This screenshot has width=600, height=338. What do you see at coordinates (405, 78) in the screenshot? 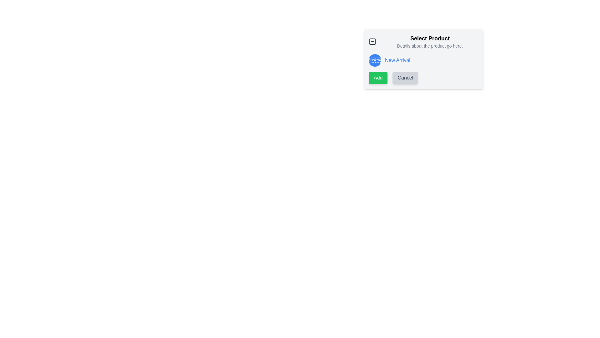
I see `the 'Cancel' button, which is a rectangular button with a light gray background and rounded corners, located to the right of the green 'Add' button` at bounding box center [405, 78].